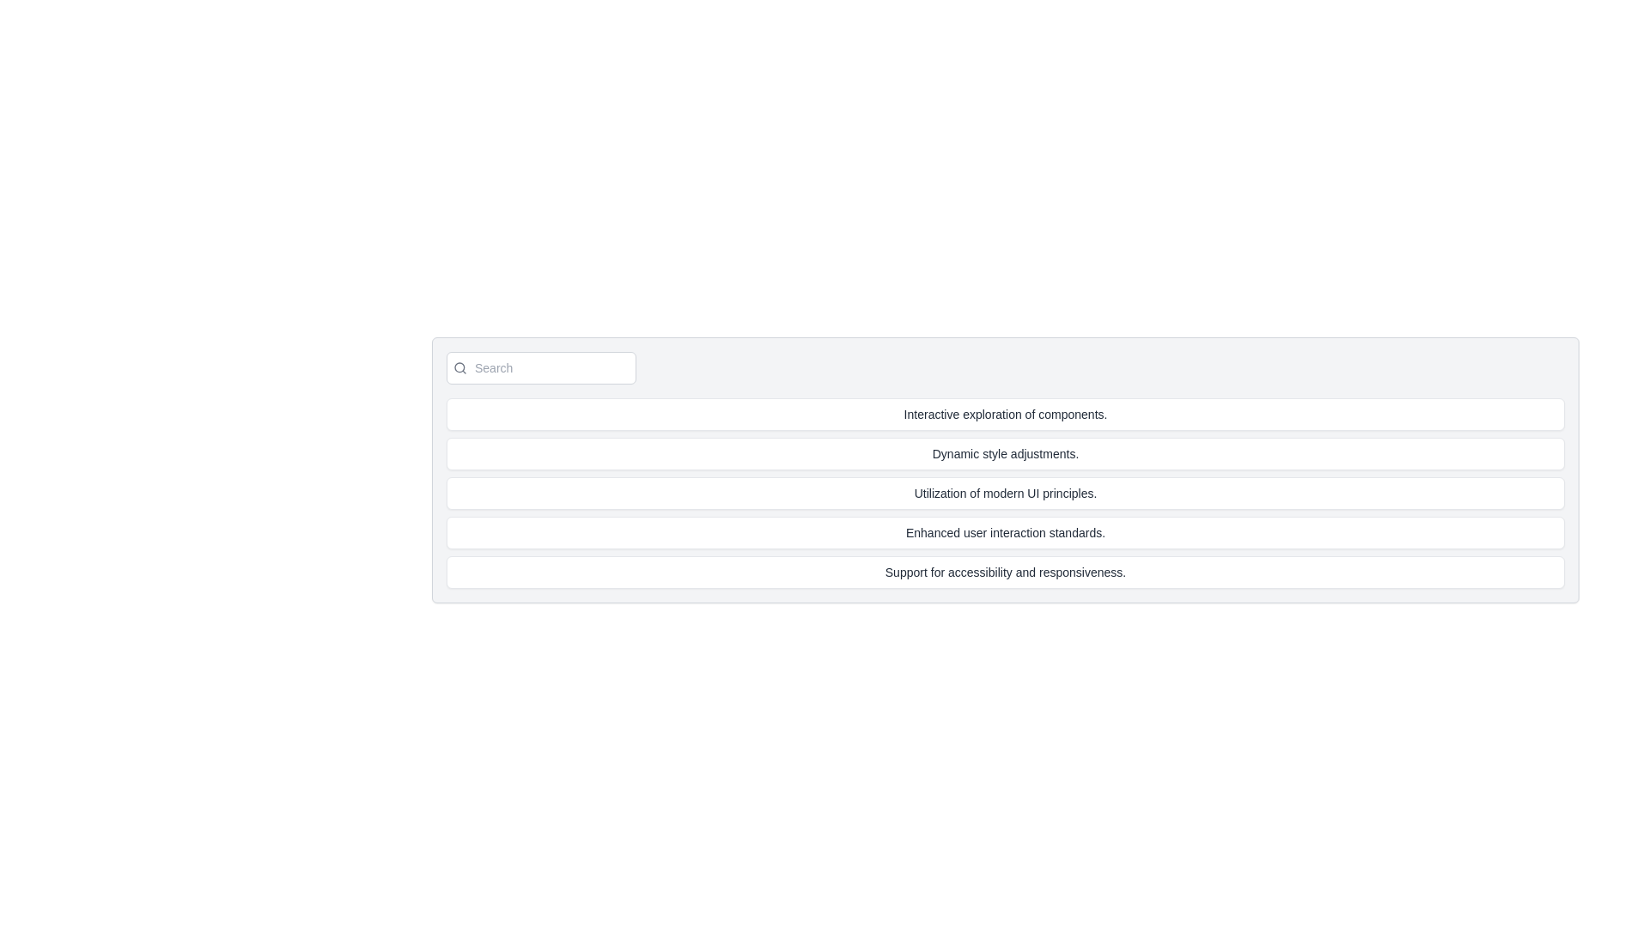 The width and height of the screenshot is (1649, 927). Describe the element at coordinates (966, 532) in the screenshot. I see `the letter 'u' in the word 'user' within the text 'Enhanced user interaction standards.' located on the fourth line of the textual list` at that location.